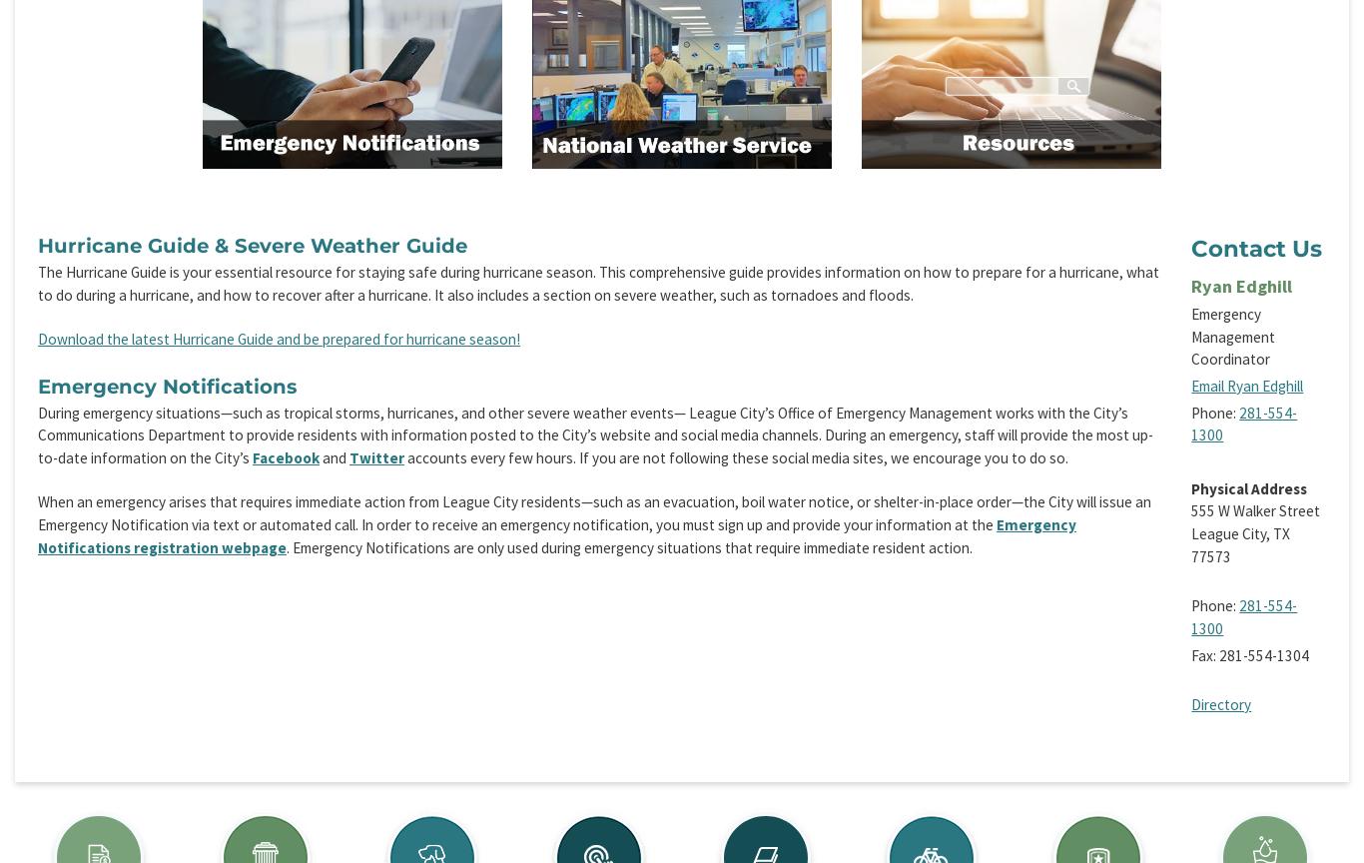 Image resolution: width=1364 pixels, height=863 pixels. Describe the element at coordinates (627, 545) in the screenshot. I see `'. Emergency Notifications are only used during emergency situations that require immediate resident action.'` at that location.